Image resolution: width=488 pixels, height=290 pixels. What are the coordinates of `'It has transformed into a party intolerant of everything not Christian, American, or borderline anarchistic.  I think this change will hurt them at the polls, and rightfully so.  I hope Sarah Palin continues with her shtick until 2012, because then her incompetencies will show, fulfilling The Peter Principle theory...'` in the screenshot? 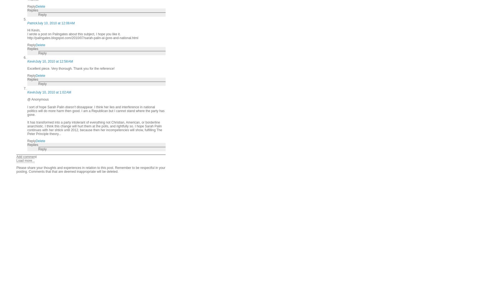 It's located at (95, 128).